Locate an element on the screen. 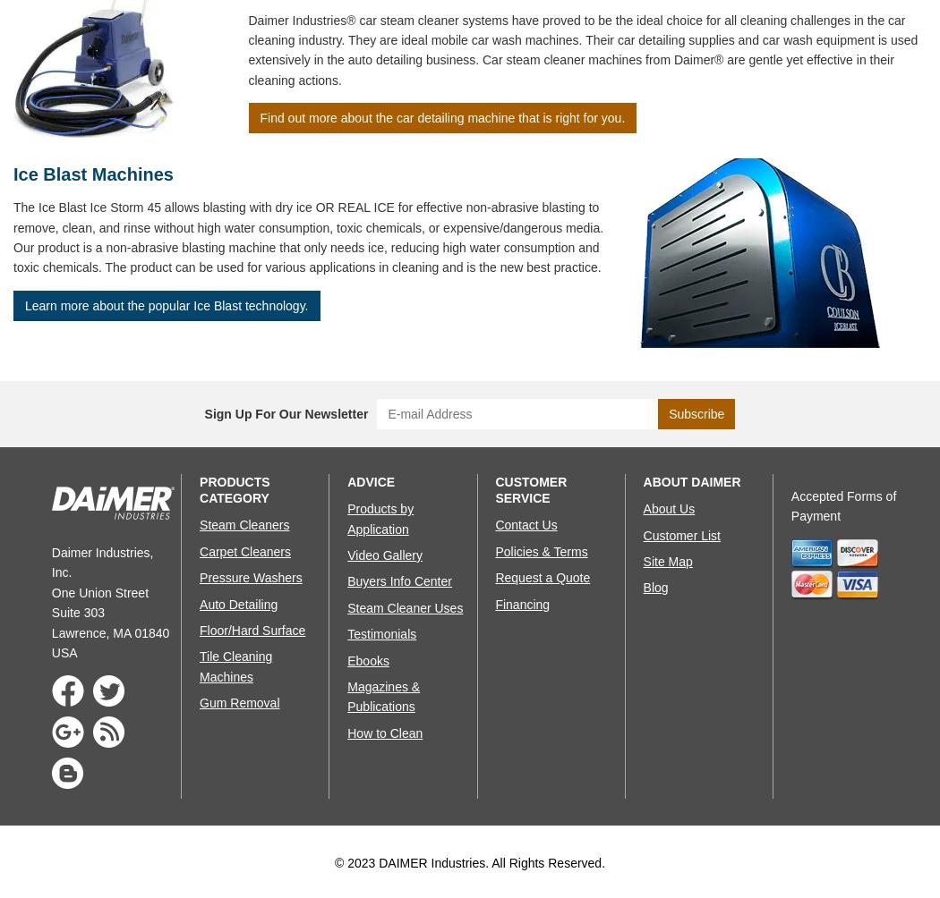  'Ice Blast Machines' is located at coordinates (100, 173).